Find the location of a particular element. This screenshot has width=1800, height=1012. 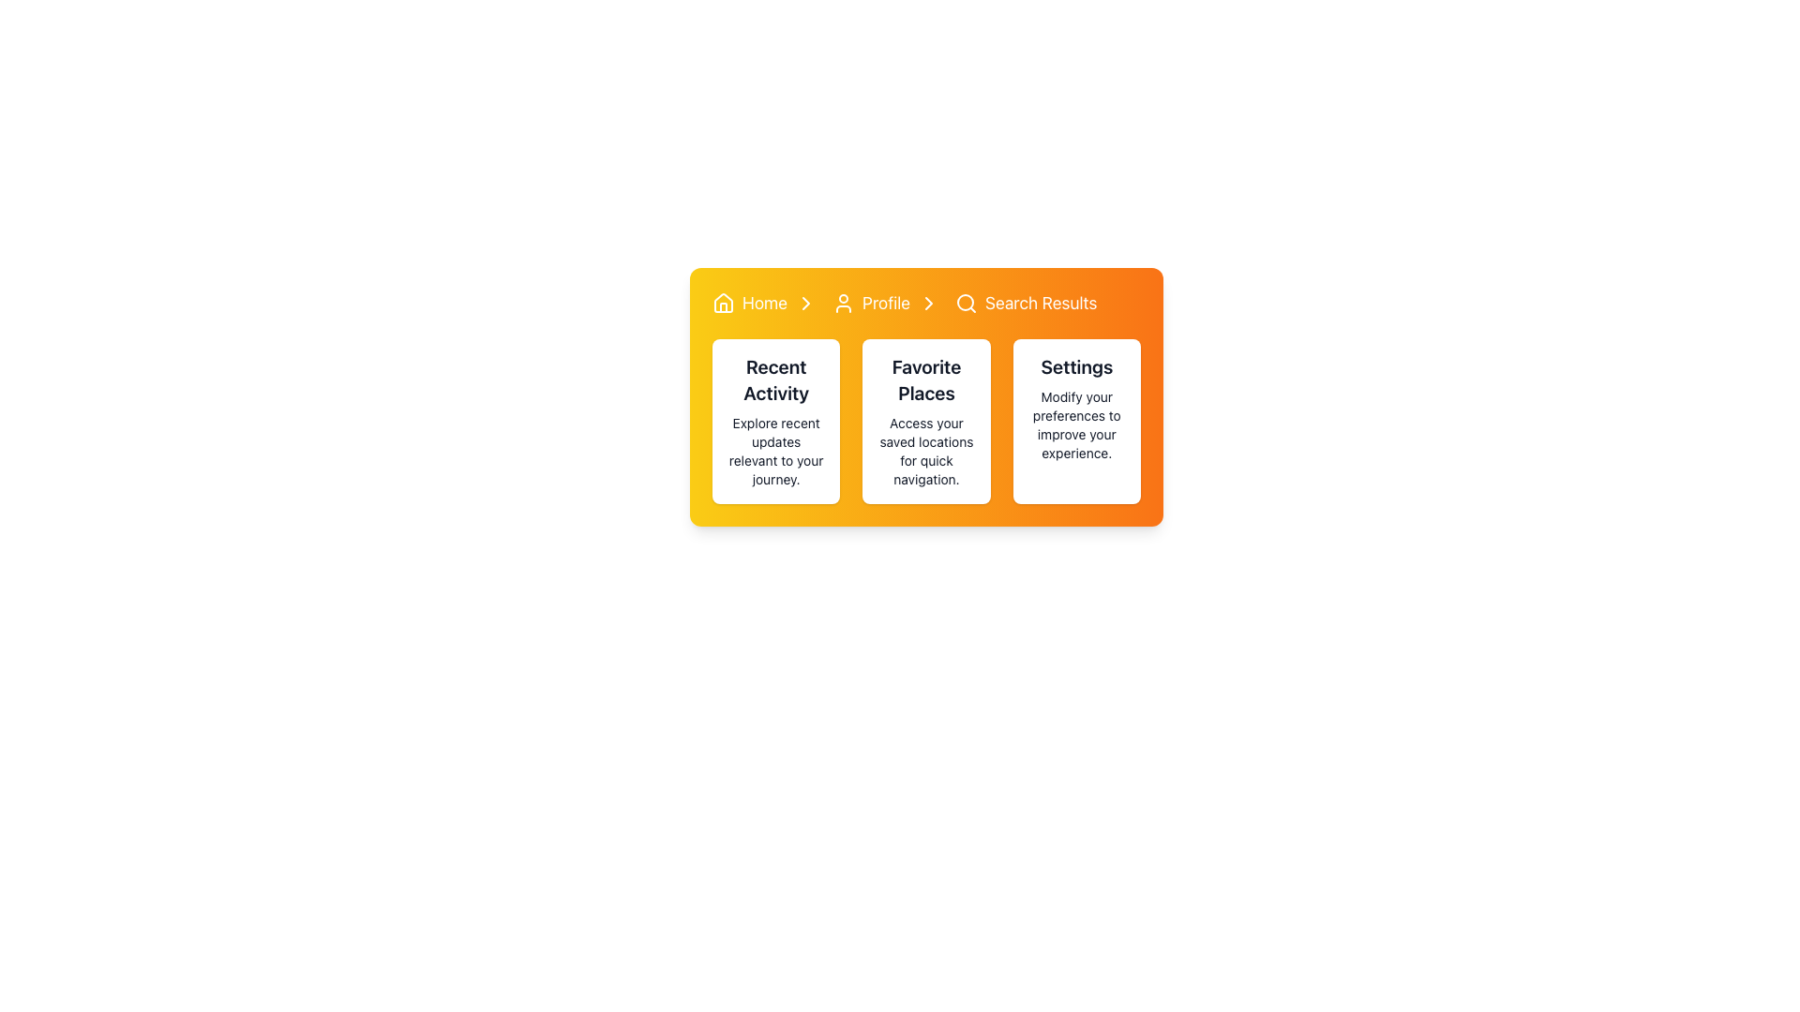

the 'Home' hyperlink in the navigation menu is located at coordinates (765, 303).